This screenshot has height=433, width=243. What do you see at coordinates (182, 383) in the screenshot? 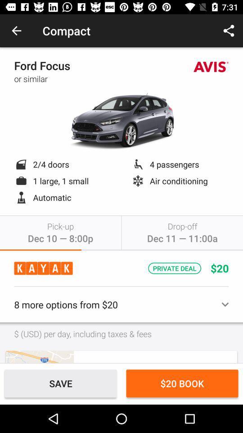
I see `$20 book icon` at bounding box center [182, 383].